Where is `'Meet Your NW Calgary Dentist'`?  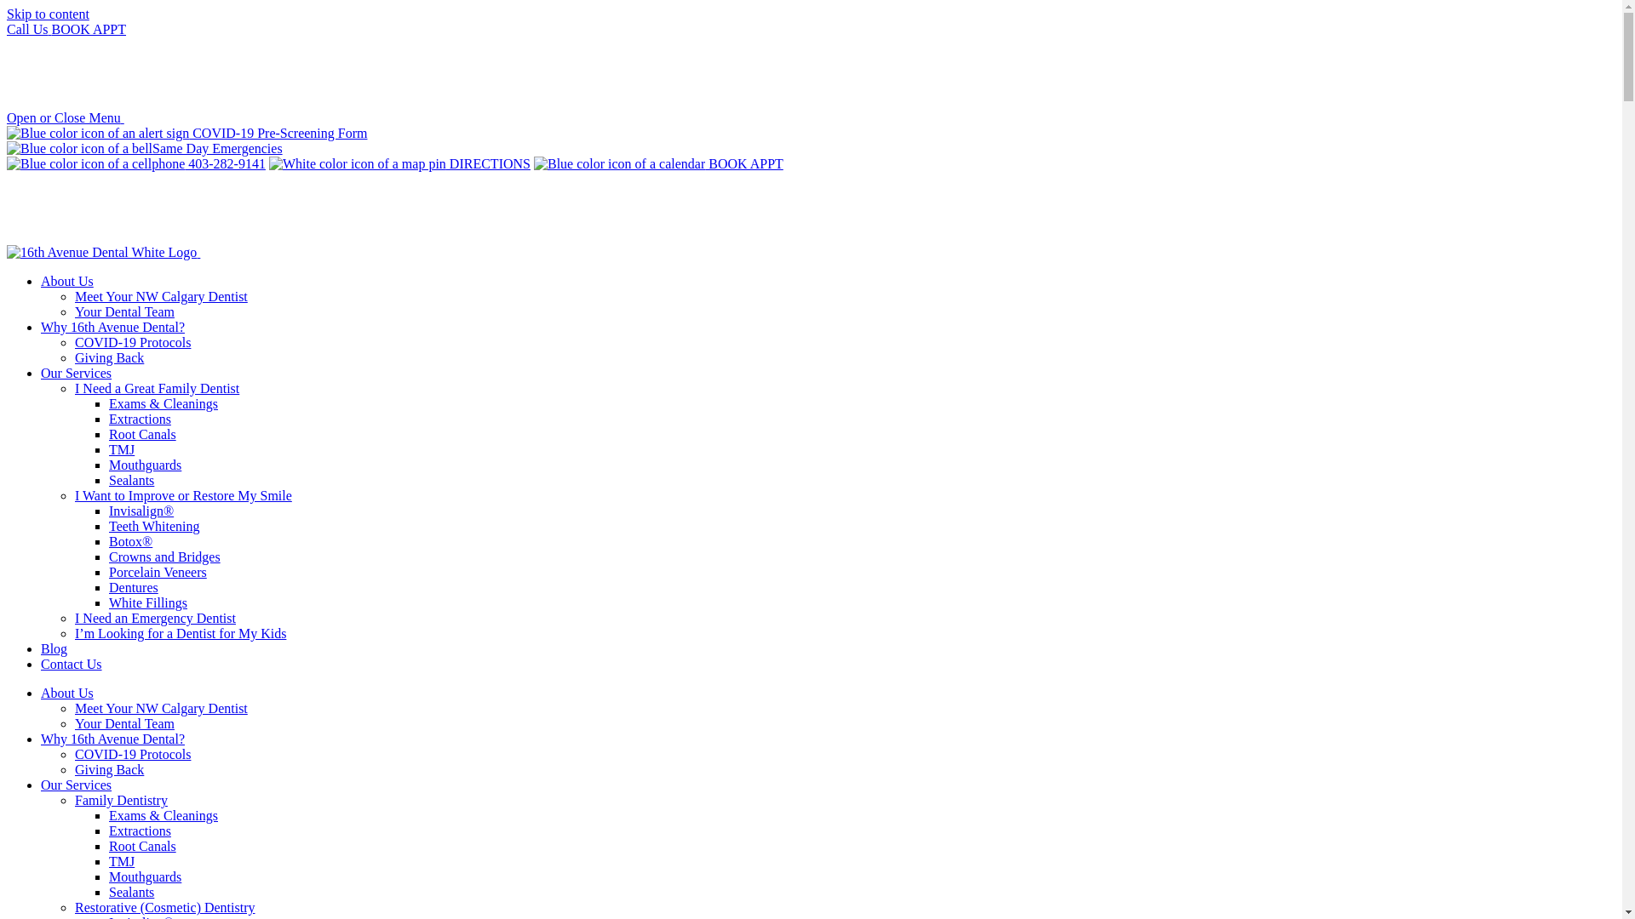
'Meet Your NW Calgary Dentist' is located at coordinates (161, 295).